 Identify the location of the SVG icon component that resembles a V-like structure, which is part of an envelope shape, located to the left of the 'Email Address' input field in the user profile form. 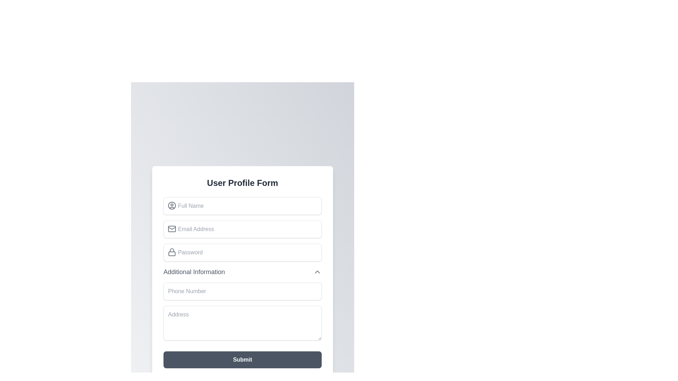
(172, 228).